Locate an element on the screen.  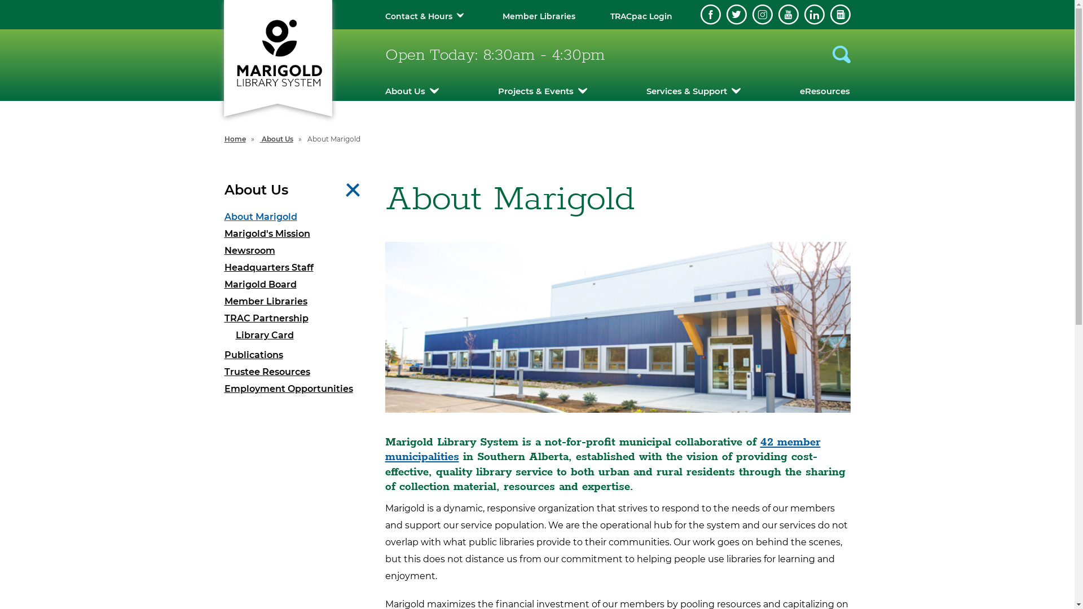
'Newsletter sign up' is located at coordinates (840, 15).